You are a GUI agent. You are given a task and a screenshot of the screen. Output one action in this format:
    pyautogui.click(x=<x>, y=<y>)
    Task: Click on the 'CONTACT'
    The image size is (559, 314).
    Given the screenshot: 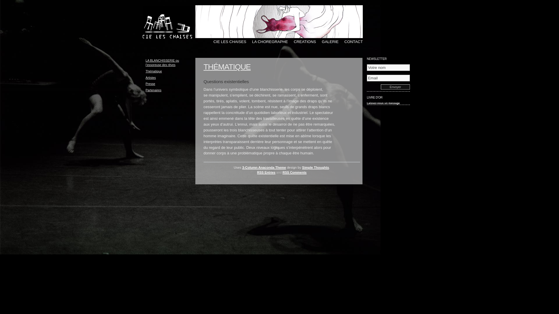 What is the action you would take?
    pyautogui.click(x=338, y=41)
    